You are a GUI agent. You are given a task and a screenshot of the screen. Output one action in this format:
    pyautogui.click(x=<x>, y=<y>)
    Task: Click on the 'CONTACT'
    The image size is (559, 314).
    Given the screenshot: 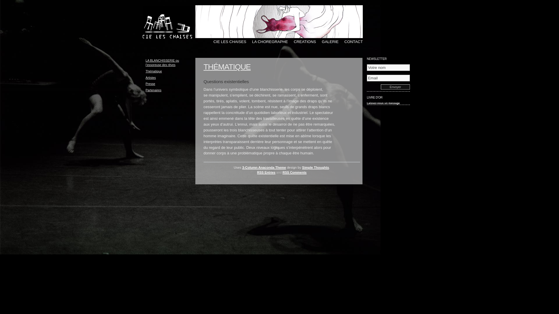 What is the action you would take?
    pyautogui.click(x=338, y=41)
    